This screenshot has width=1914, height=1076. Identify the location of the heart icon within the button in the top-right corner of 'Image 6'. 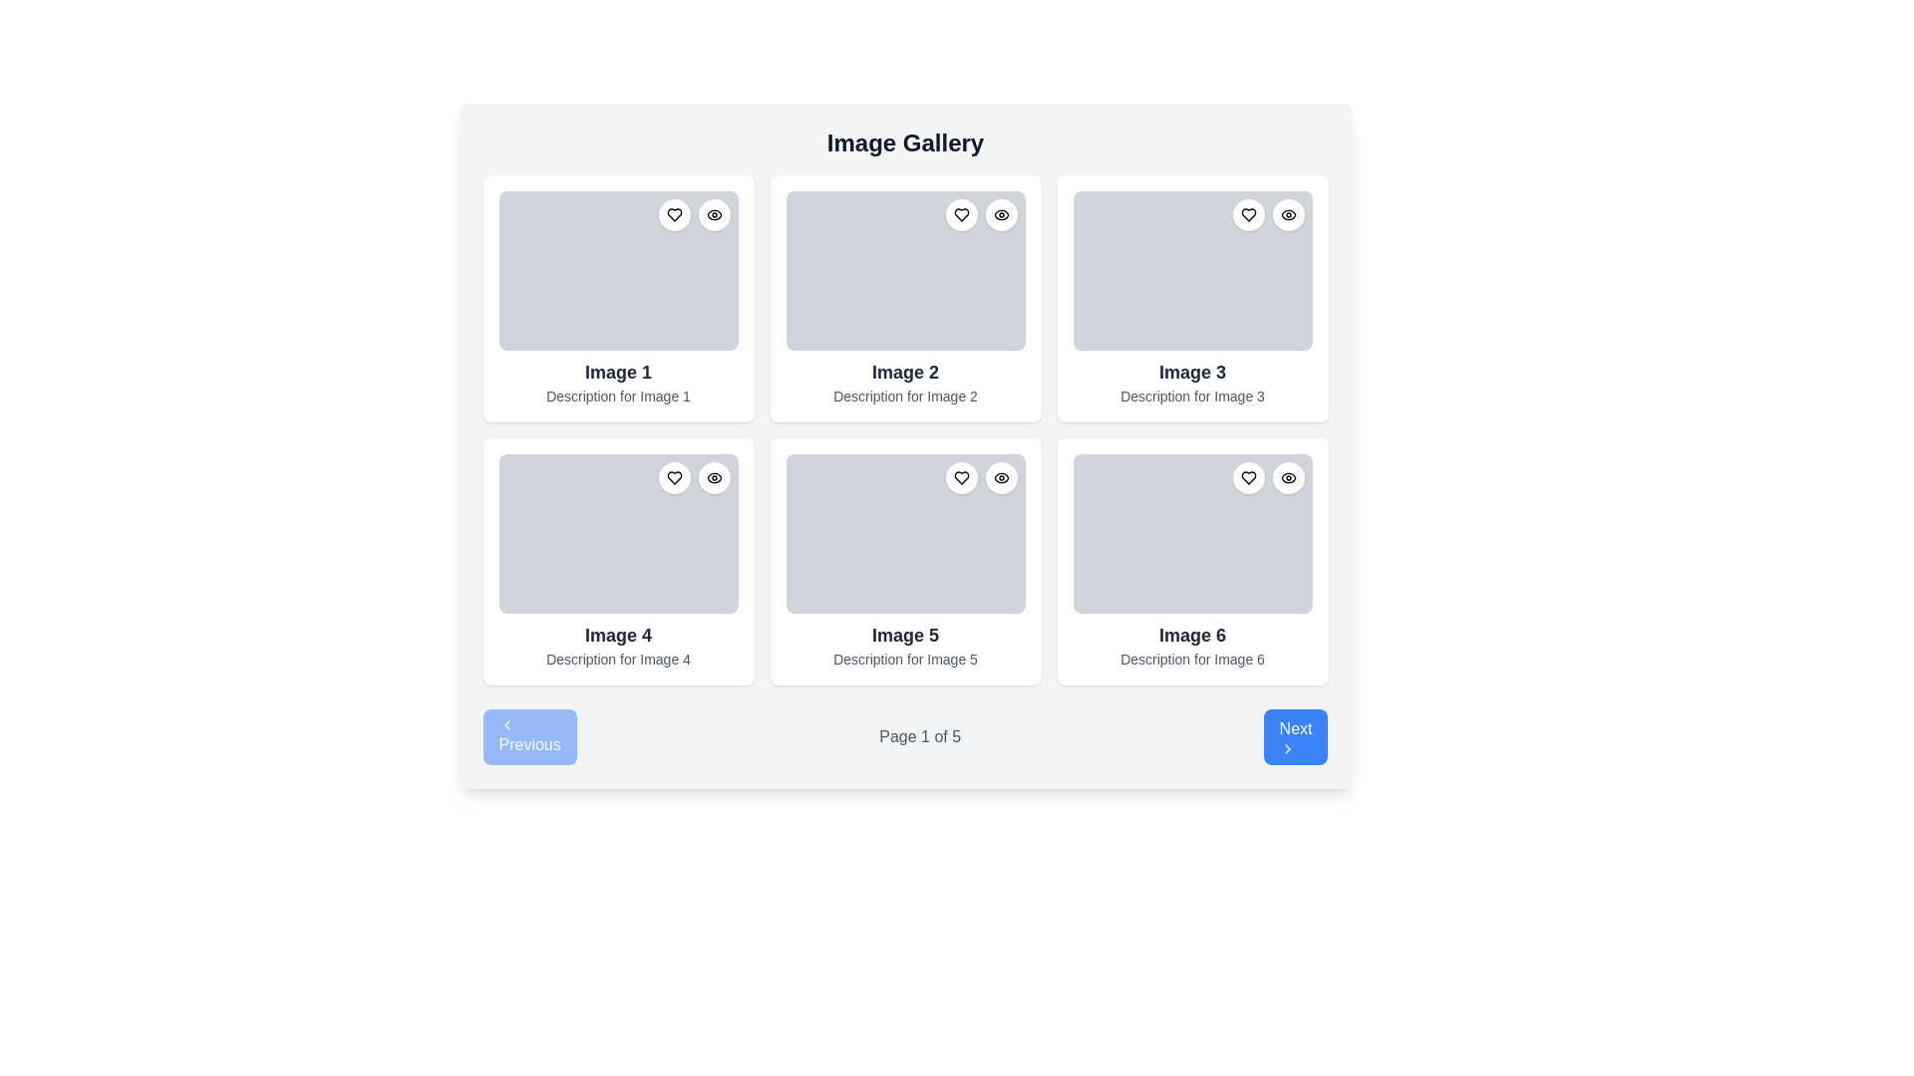
(1247, 477).